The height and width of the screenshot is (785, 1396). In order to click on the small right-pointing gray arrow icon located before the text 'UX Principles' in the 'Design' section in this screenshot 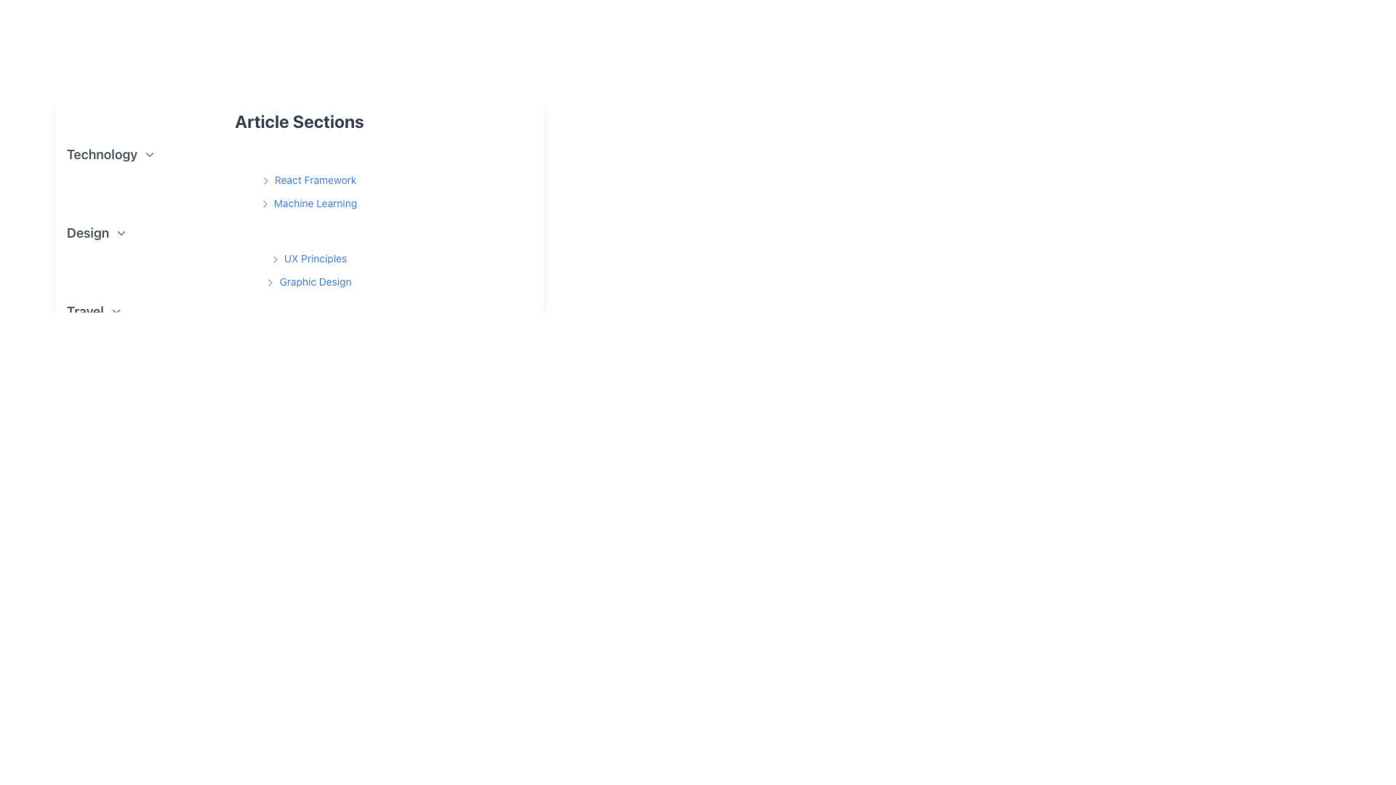, I will do `click(275, 259)`.